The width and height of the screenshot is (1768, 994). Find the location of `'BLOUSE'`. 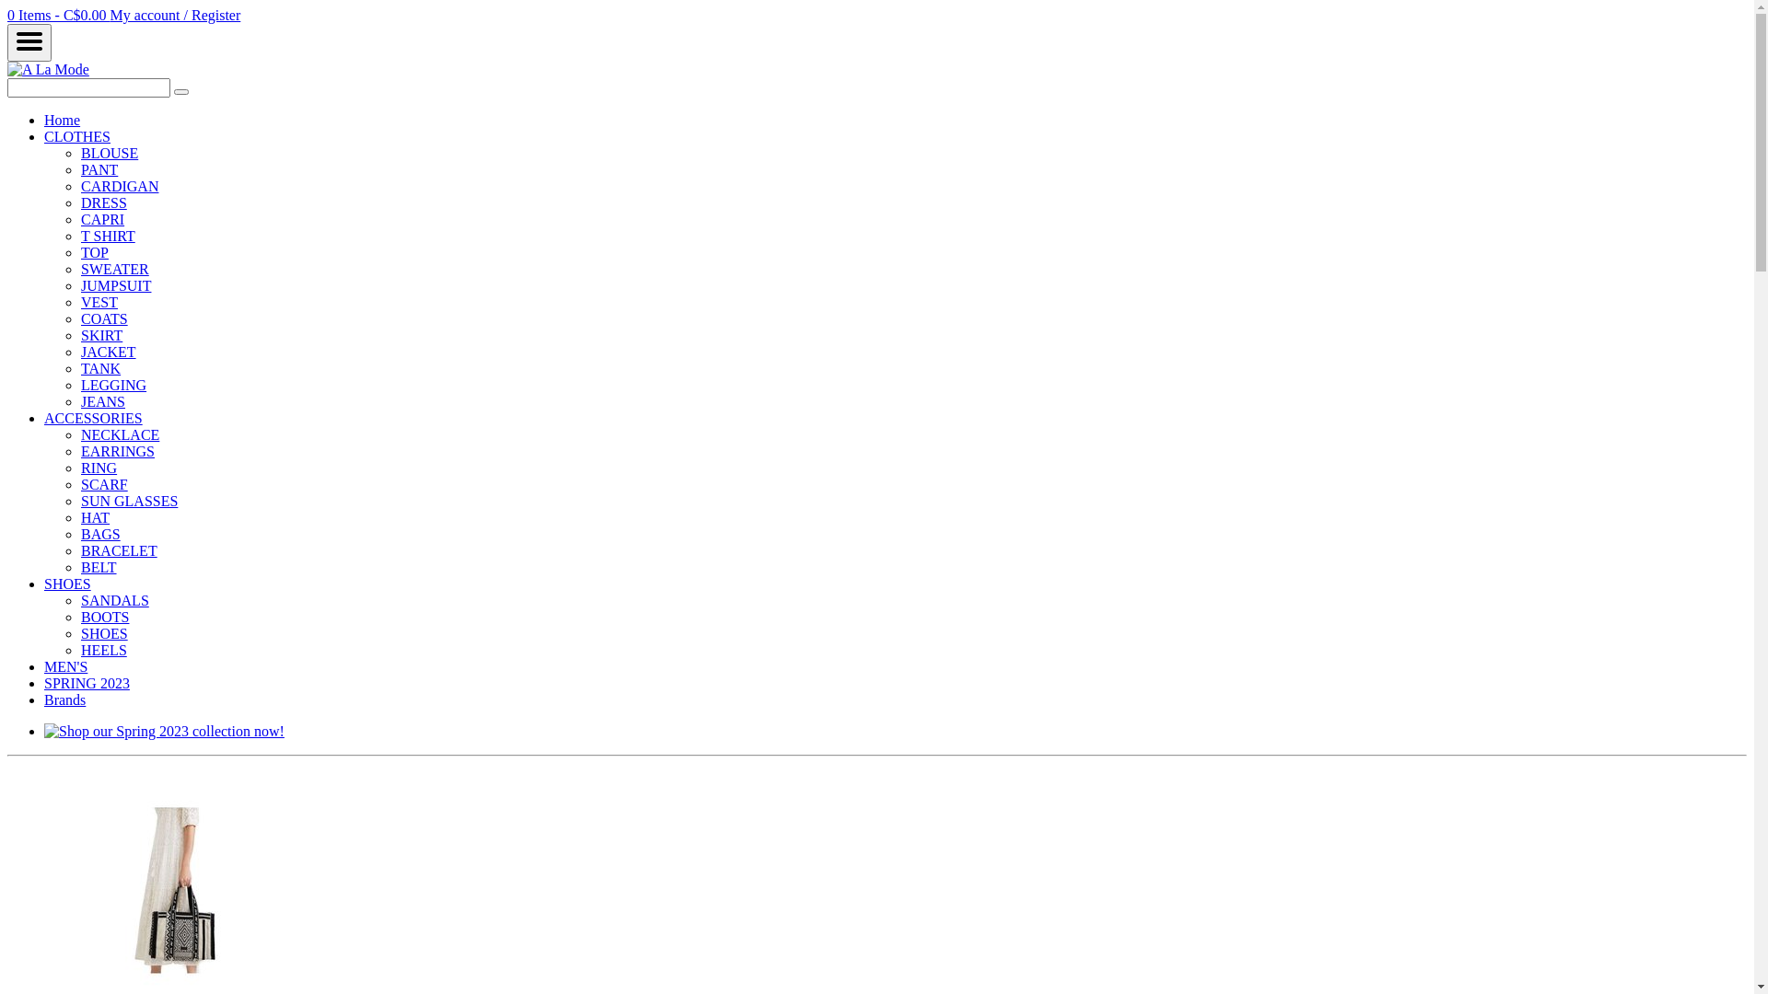

'BLOUSE' is located at coordinates (109, 152).